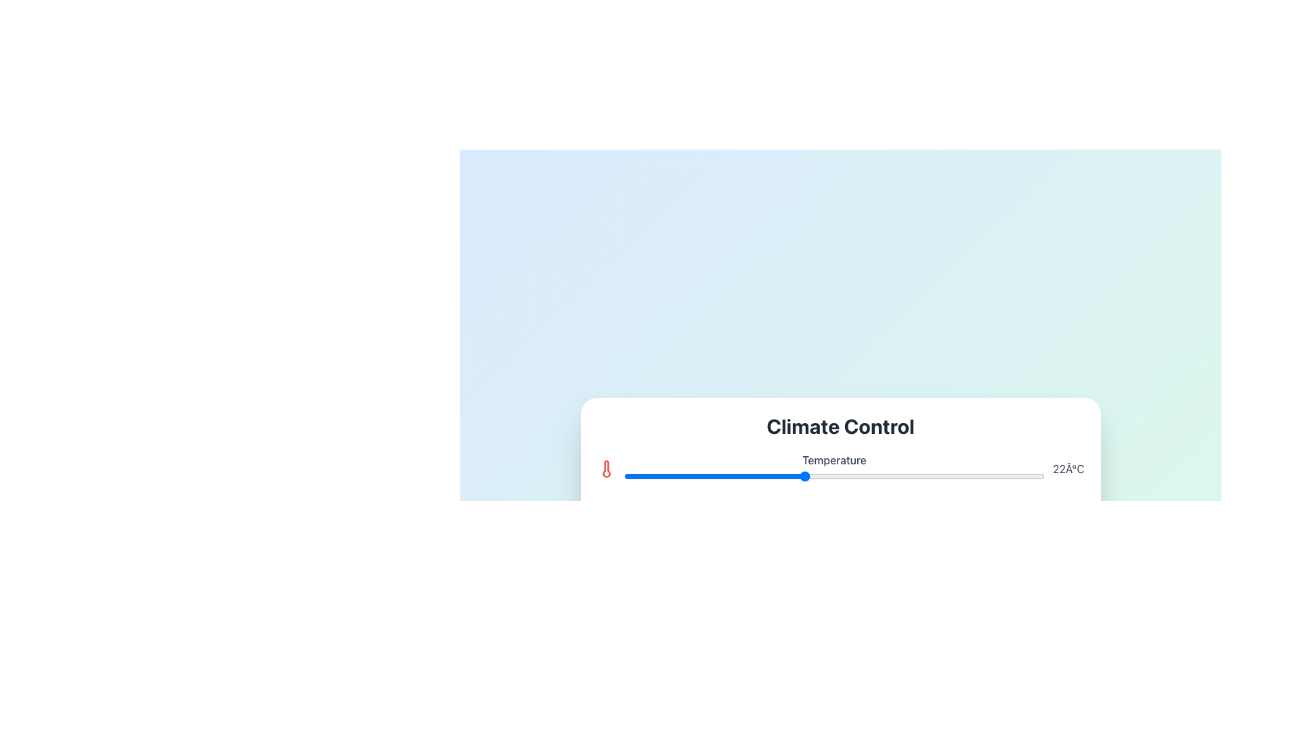 The width and height of the screenshot is (1300, 731). Describe the element at coordinates (713, 476) in the screenshot. I see `temperature` at that location.